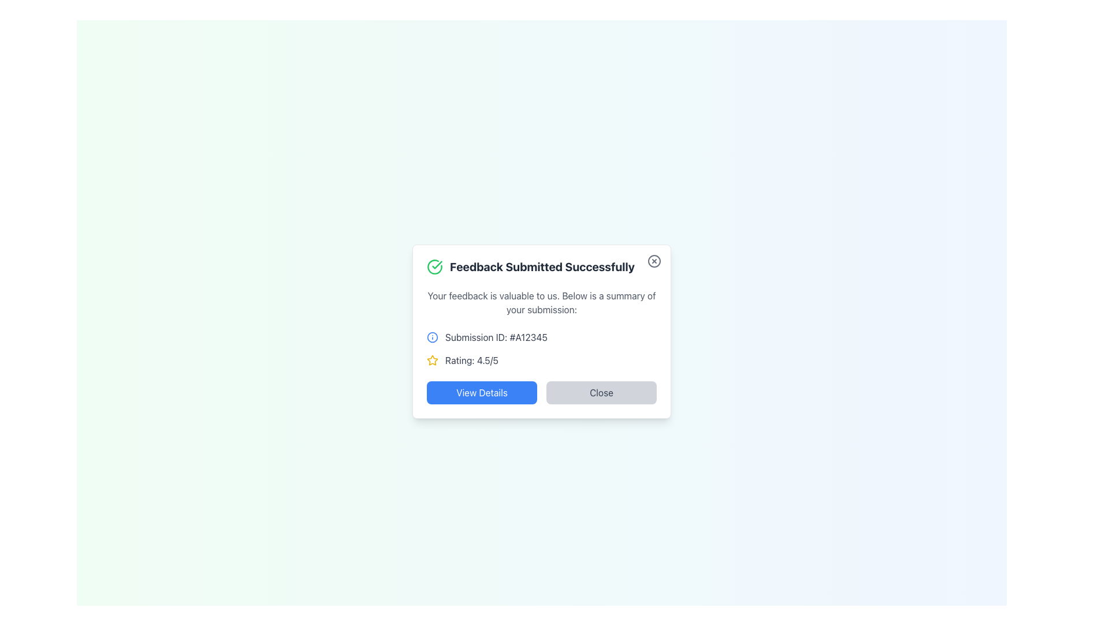  I want to click on star icon representing the rating value located in the modal dialog box next to the text 'Rating: 4.5/5', so click(431, 359).